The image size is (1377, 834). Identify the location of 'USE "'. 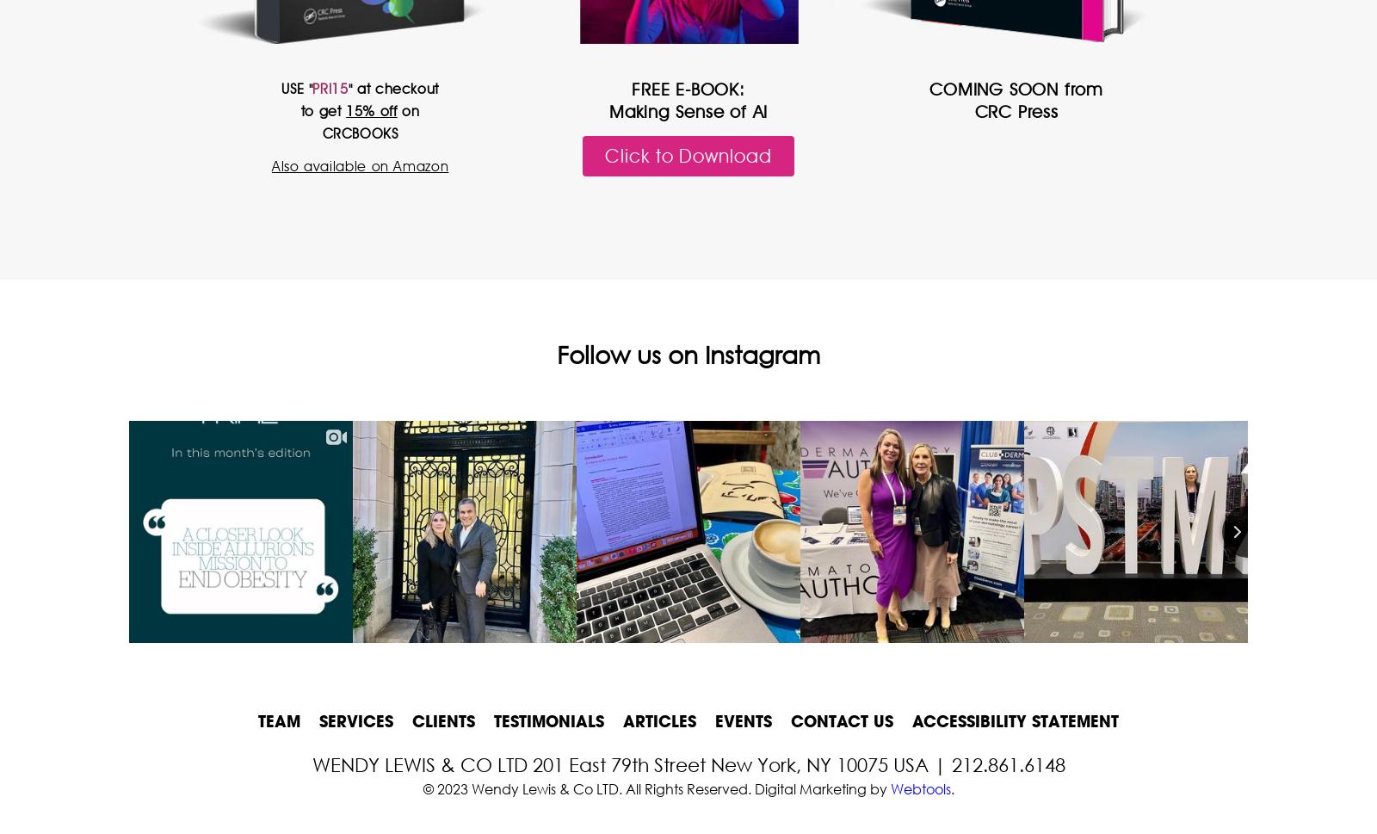
(296, 88).